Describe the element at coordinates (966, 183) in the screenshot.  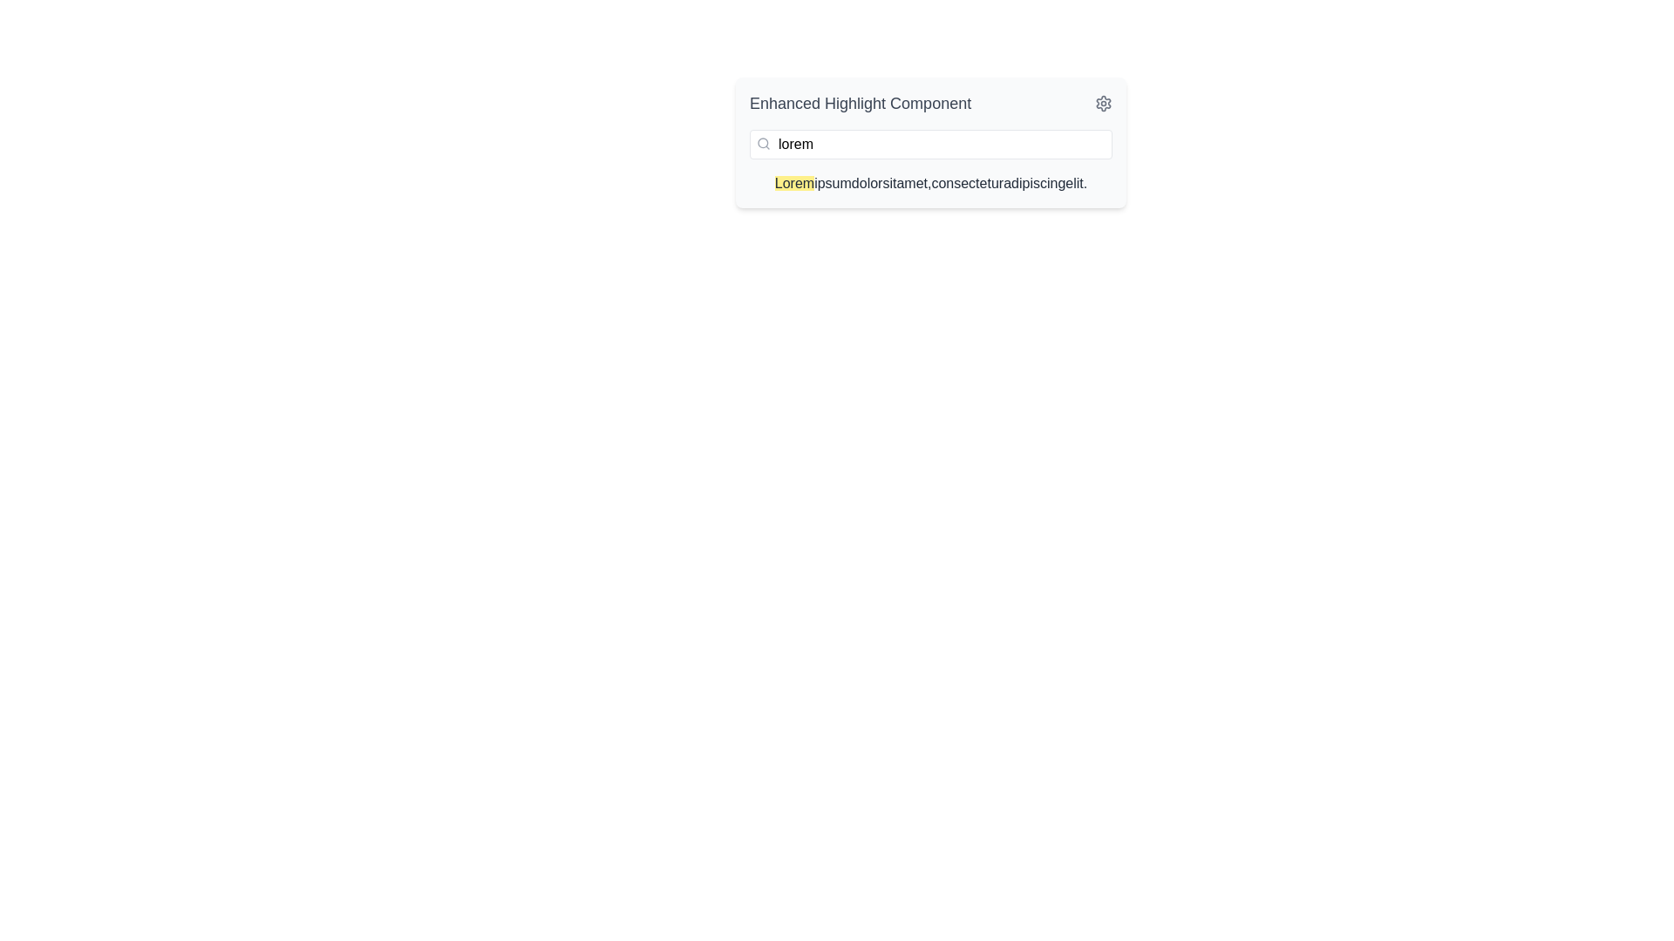
I see `the sixth word 'sit' in the sentence 'Lorem ipsum dolor sit amet, consectetur adipiscing elit.' which is located below a search bar` at that location.